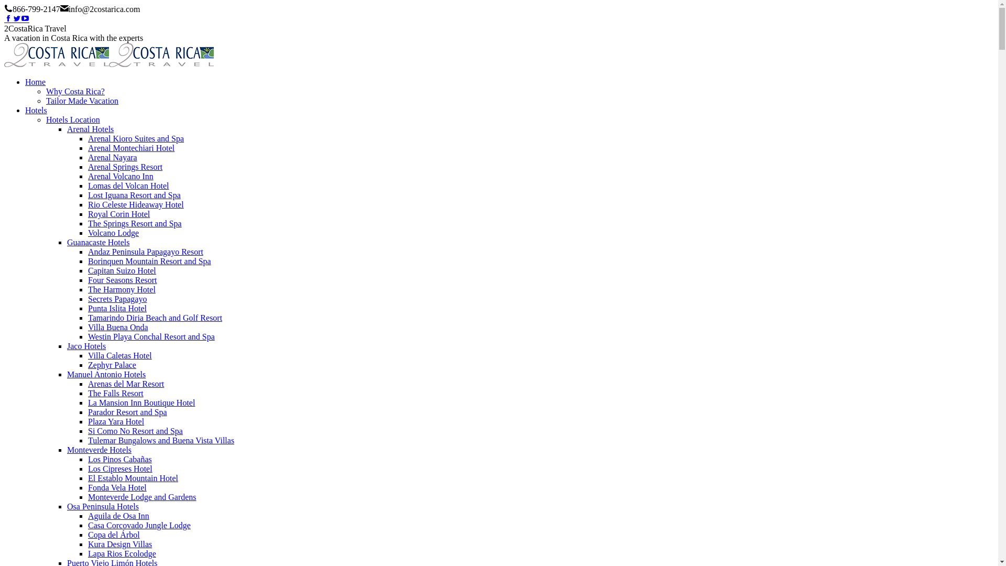  What do you see at coordinates (126, 384) in the screenshot?
I see `'Arenas del Mar Resort'` at bounding box center [126, 384].